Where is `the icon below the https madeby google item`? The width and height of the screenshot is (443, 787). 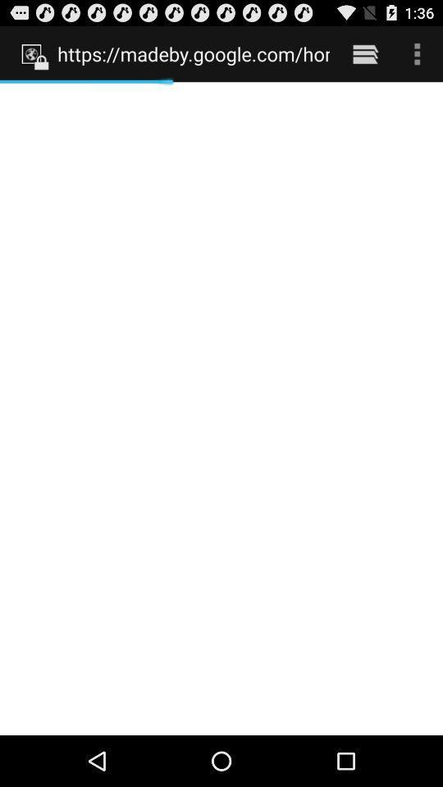
the icon below the https madeby google item is located at coordinates (221, 407).